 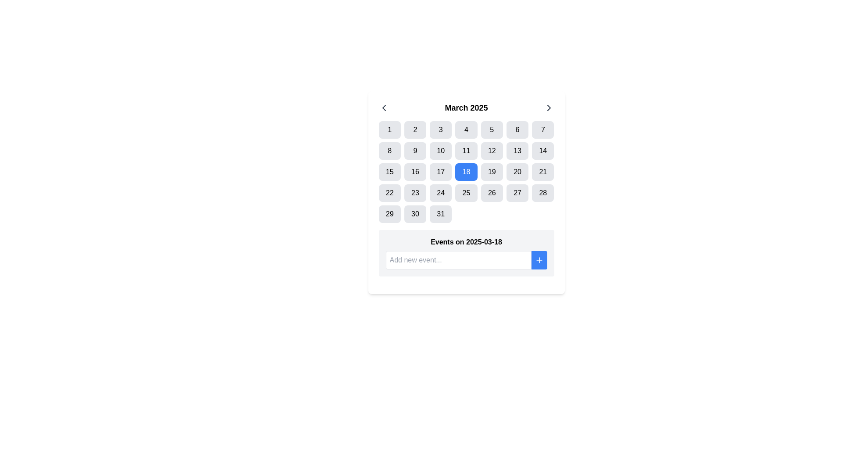 What do you see at coordinates (466, 130) in the screenshot?
I see `the '4' button in the March 2025 calendar` at bounding box center [466, 130].